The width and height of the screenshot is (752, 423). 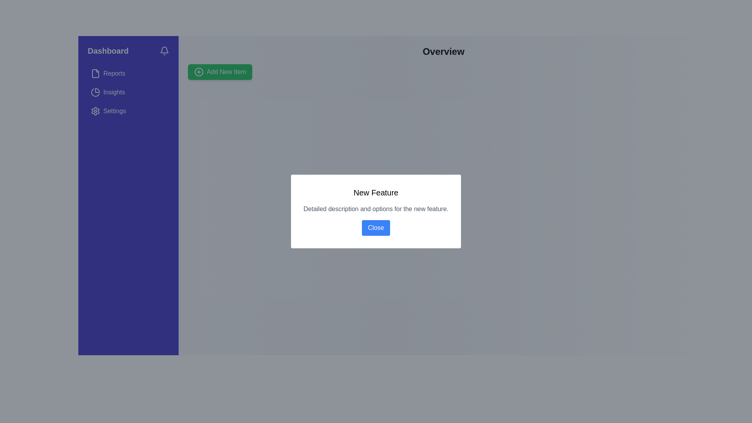 I want to click on the muted gray text label that reads 'Detailed description and options for the new feature.' located in the modal dialog below the title 'New Feature' and above the blue 'Close' button, so click(x=376, y=208).